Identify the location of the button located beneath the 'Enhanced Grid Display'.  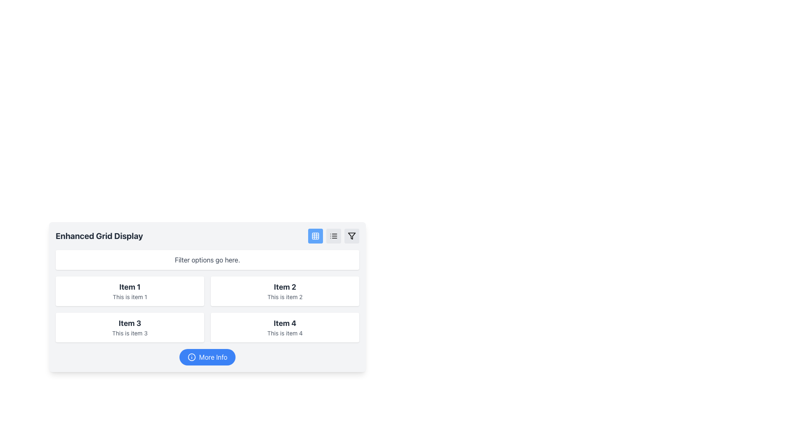
(207, 357).